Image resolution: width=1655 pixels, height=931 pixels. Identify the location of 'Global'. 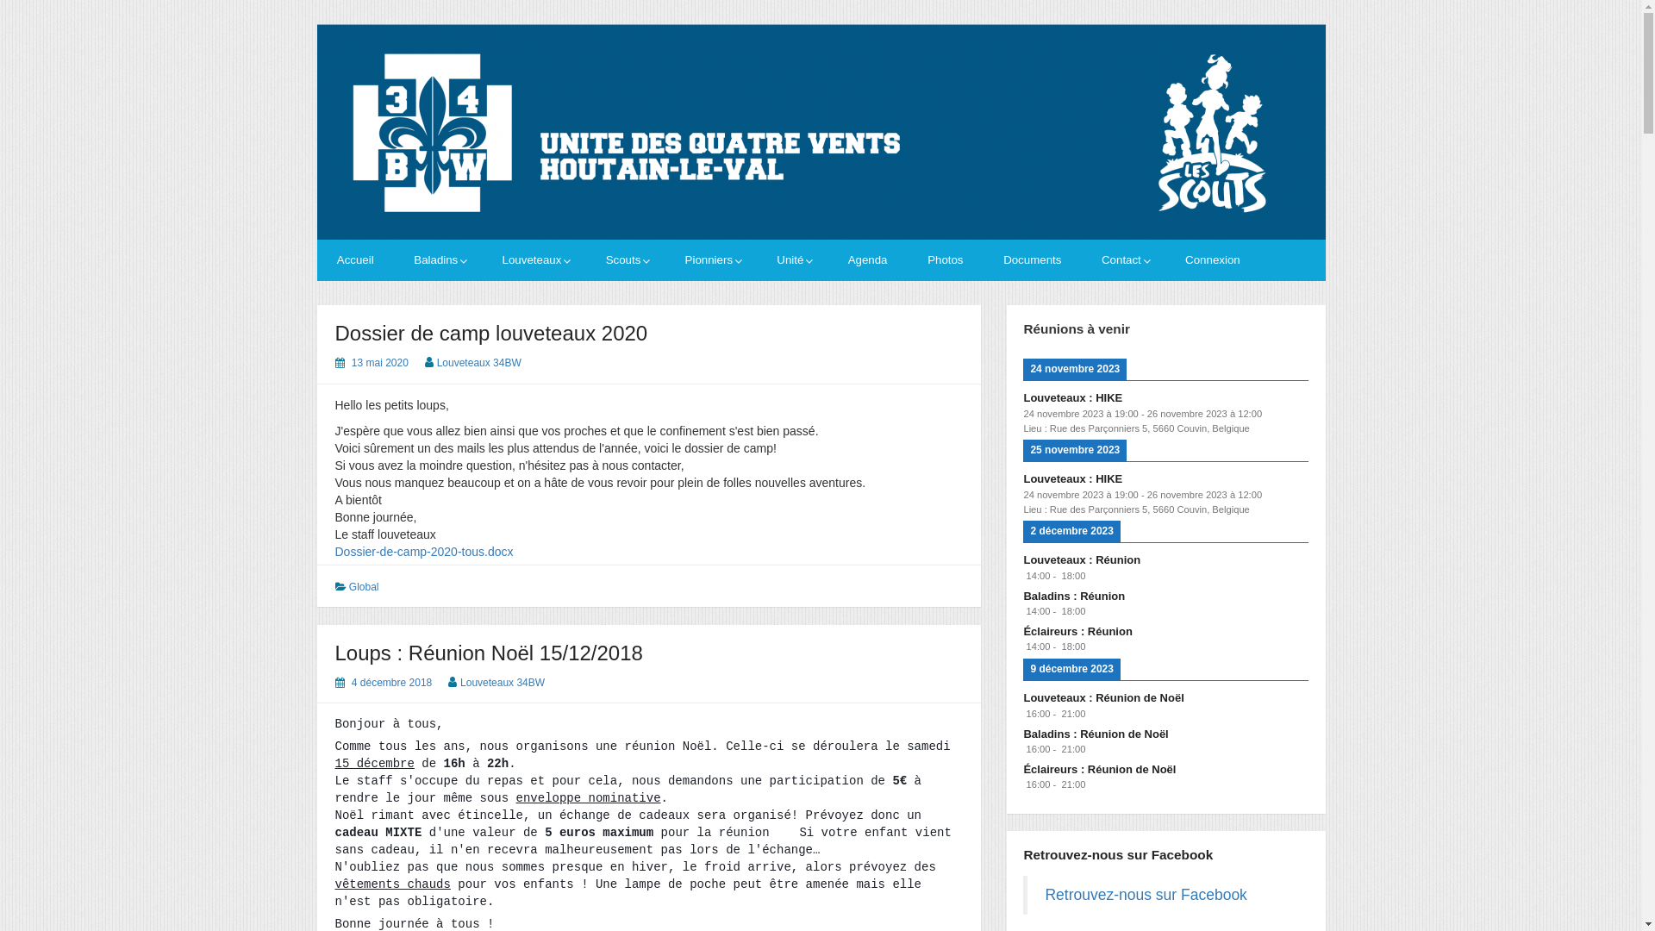
(347, 586).